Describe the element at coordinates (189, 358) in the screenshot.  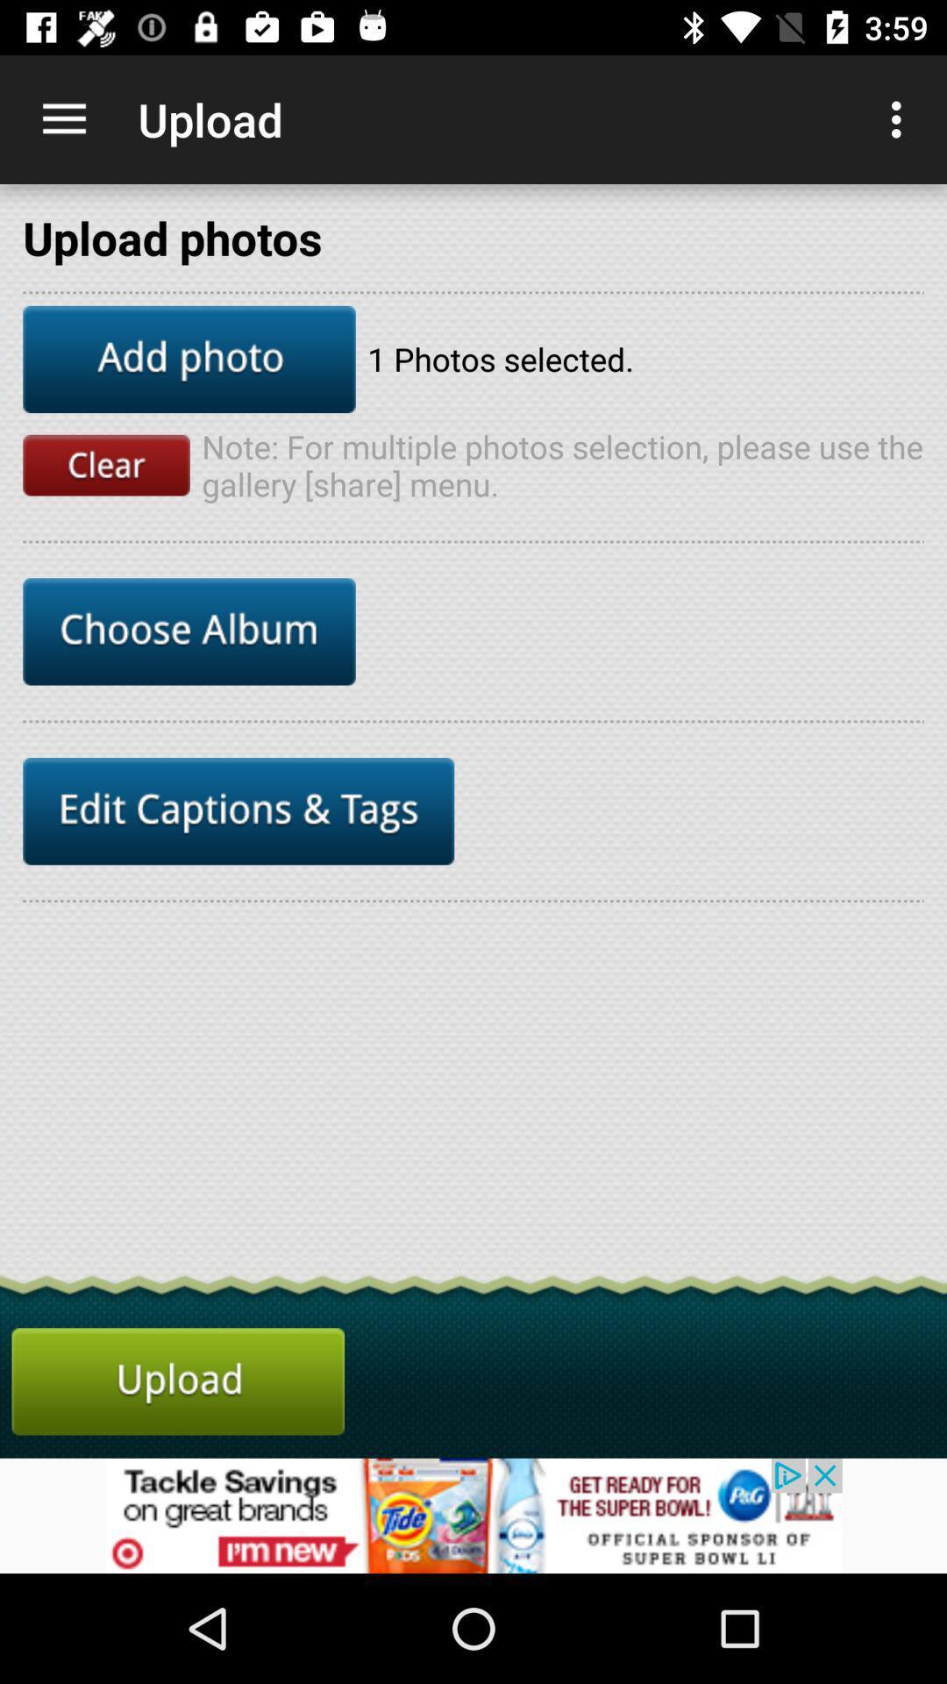
I see `photo` at that location.